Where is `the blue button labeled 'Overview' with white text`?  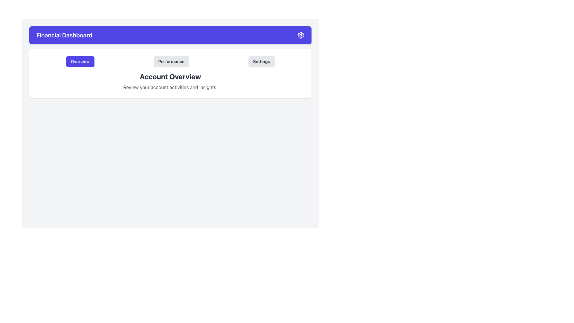
the blue button labeled 'Overview' with white text is located at coordinates (80, 61).